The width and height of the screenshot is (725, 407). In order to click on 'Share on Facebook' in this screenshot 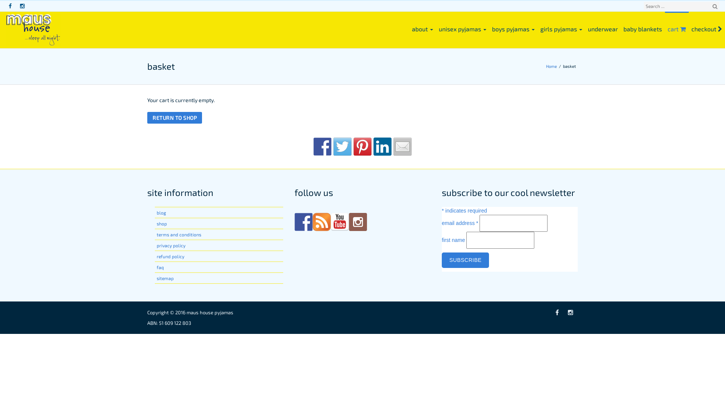, I will do `click(322, 147)`.